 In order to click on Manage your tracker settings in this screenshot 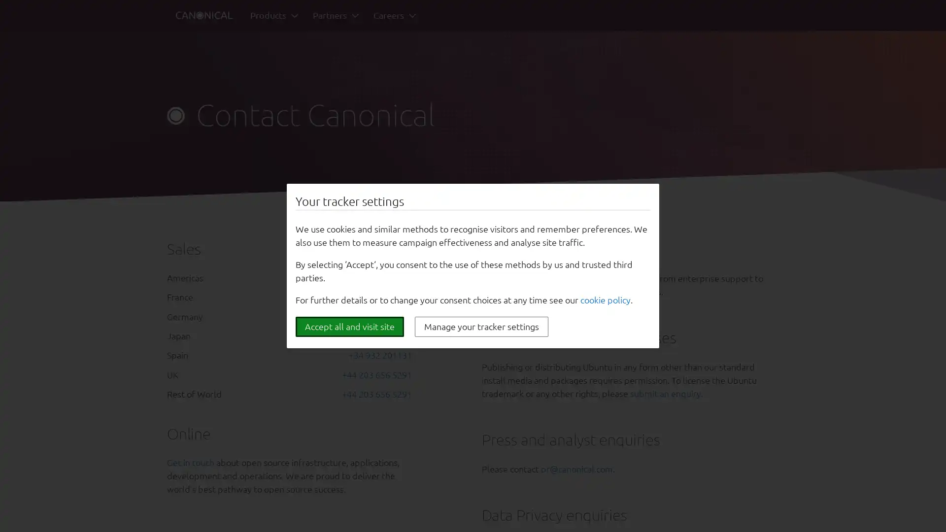, I will do `click(481, 327)`.